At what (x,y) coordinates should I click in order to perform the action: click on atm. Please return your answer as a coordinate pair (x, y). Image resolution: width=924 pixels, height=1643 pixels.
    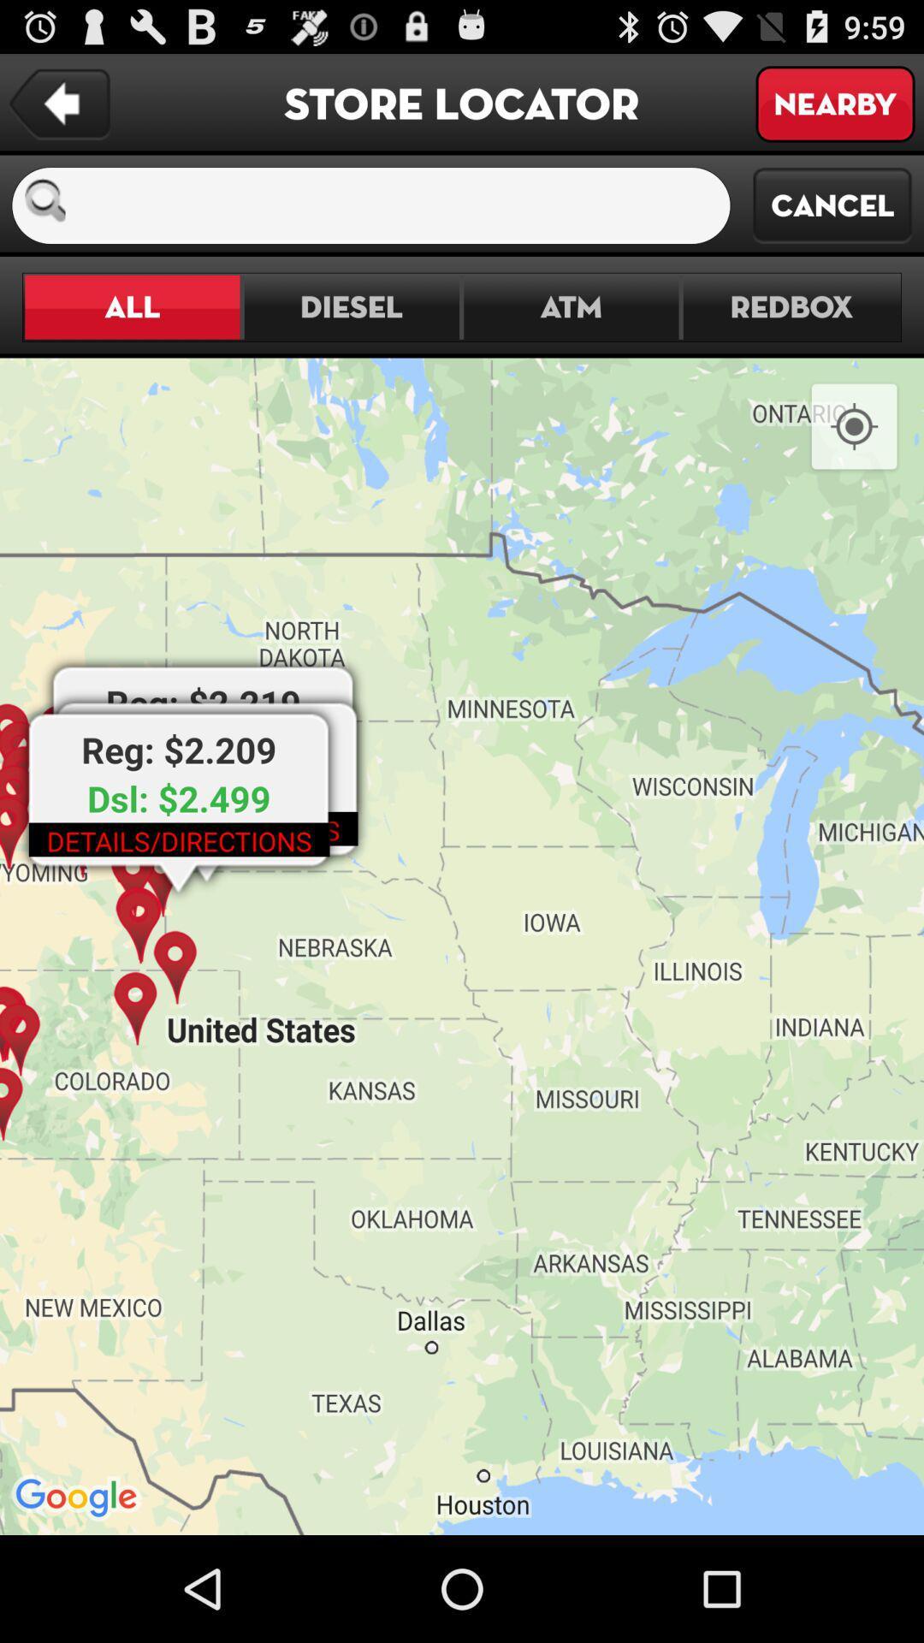
    Looking at the image, I should click on (571, 307).